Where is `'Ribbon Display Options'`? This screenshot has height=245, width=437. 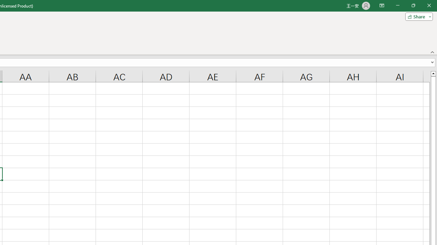 'Ribbon Display Options' is located at coordinates (381, 5).